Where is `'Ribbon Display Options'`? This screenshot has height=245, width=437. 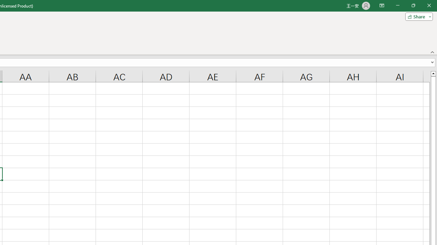 'Ribbon Display Options' is located at coordinates (381, 5).